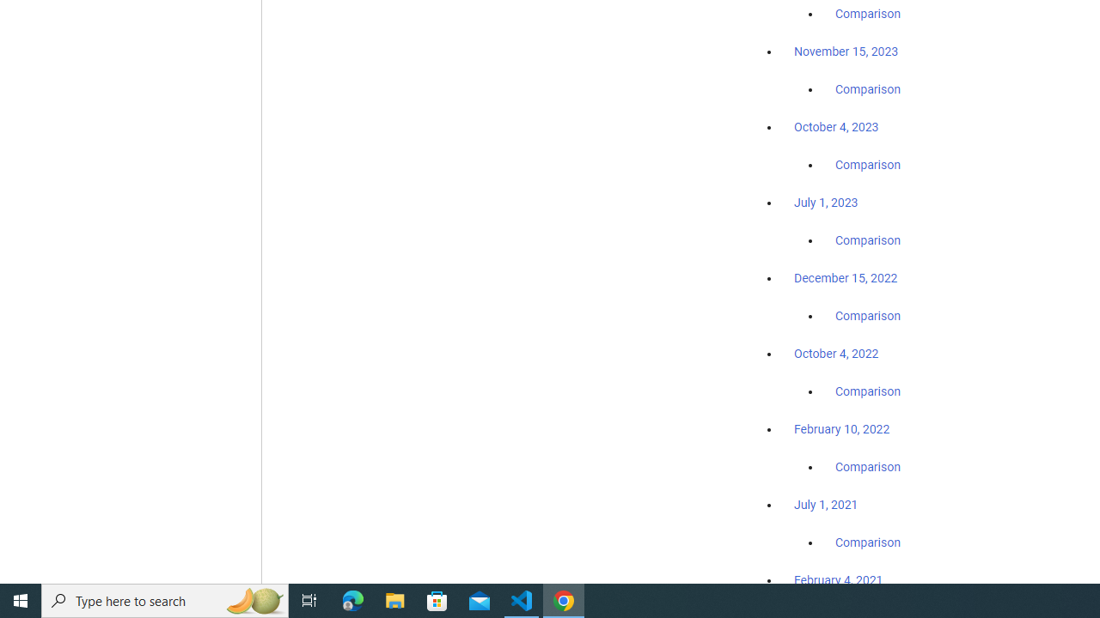 This screenshot has height=618, width=1100. Describe the element at coordinates (165, 599) in the screenshot. I see `'Type here to search'` at that location.